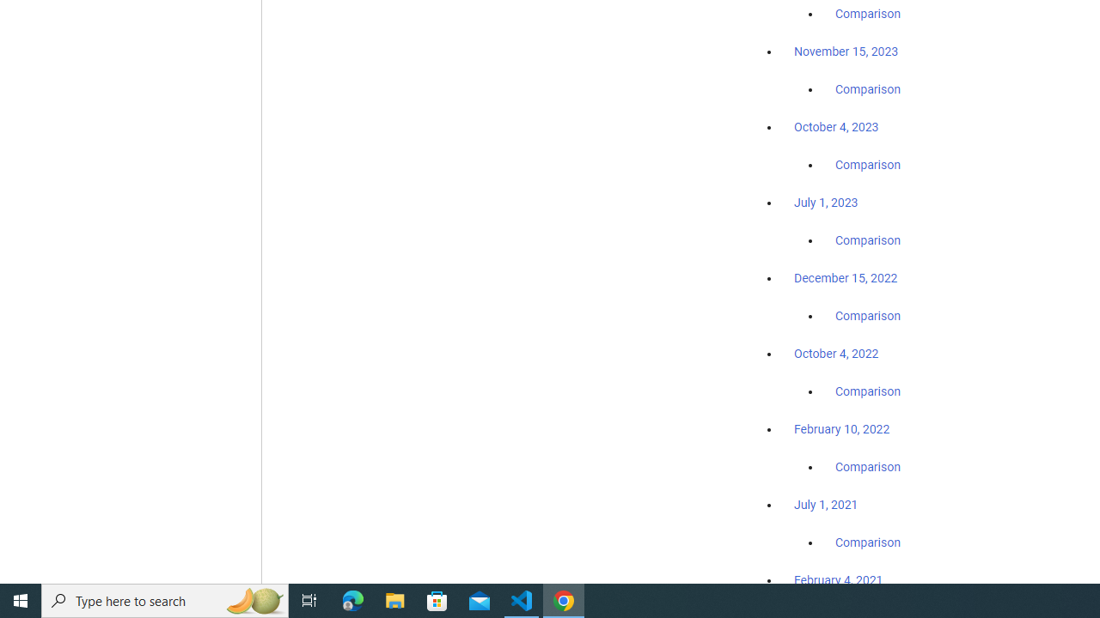 This screenshot has height=618, width=1100. Describe the element at coordinates (165, 599) in the screenshot. I see `'Type here to search'` at that location.